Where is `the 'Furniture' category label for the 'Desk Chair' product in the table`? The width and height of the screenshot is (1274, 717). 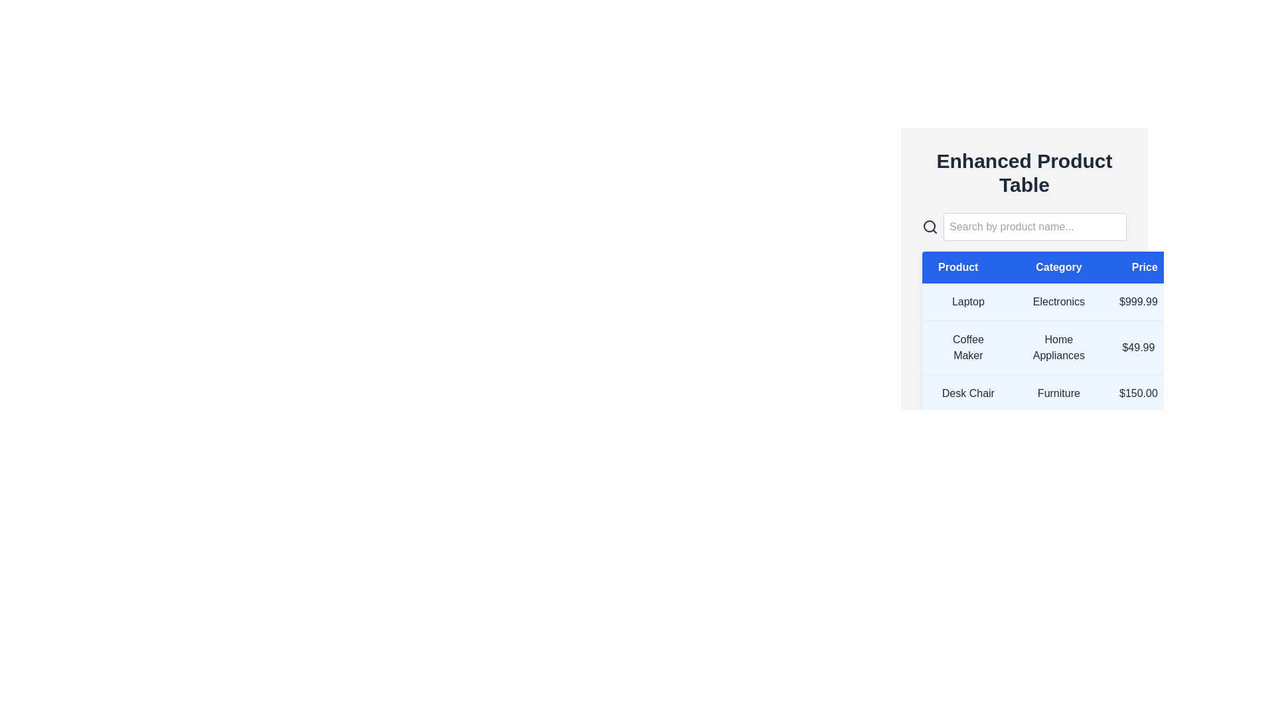
the 'Furniture' category label for the 'Desk Chair' product in the table is located at coordinates (1058, 393).